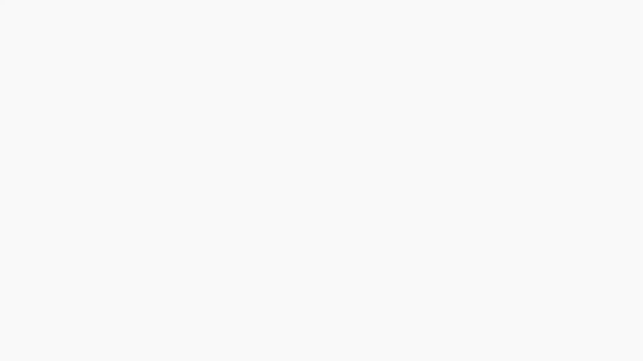  What do you see at coordinates (530, 10) in the screenshot?
I see `Search` at bounding box center [530, 10].